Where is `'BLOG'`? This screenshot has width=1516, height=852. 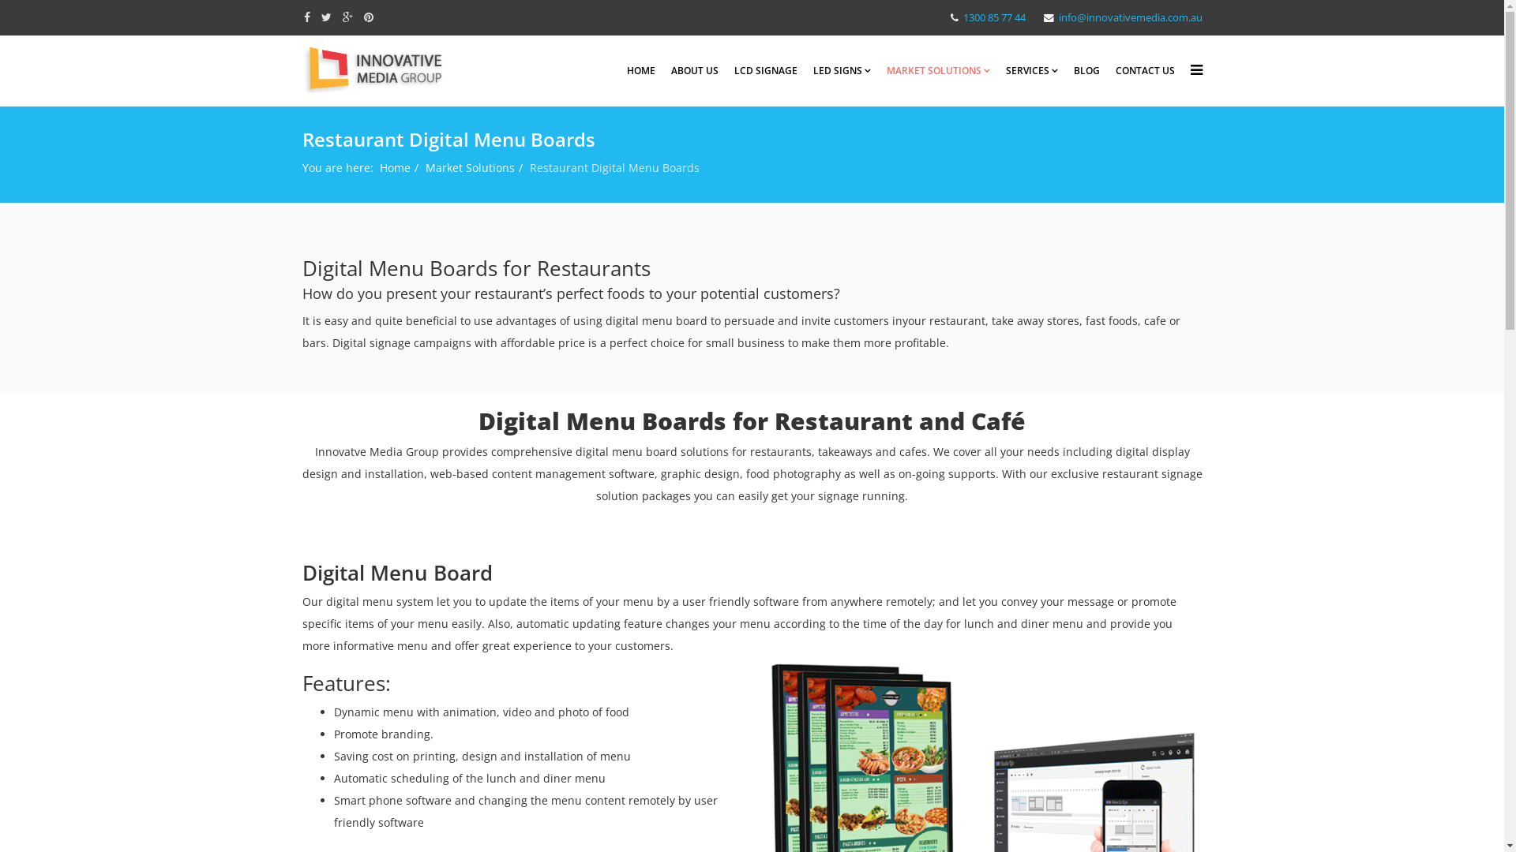
'BLOG' is located at coordinates (1086, 69).